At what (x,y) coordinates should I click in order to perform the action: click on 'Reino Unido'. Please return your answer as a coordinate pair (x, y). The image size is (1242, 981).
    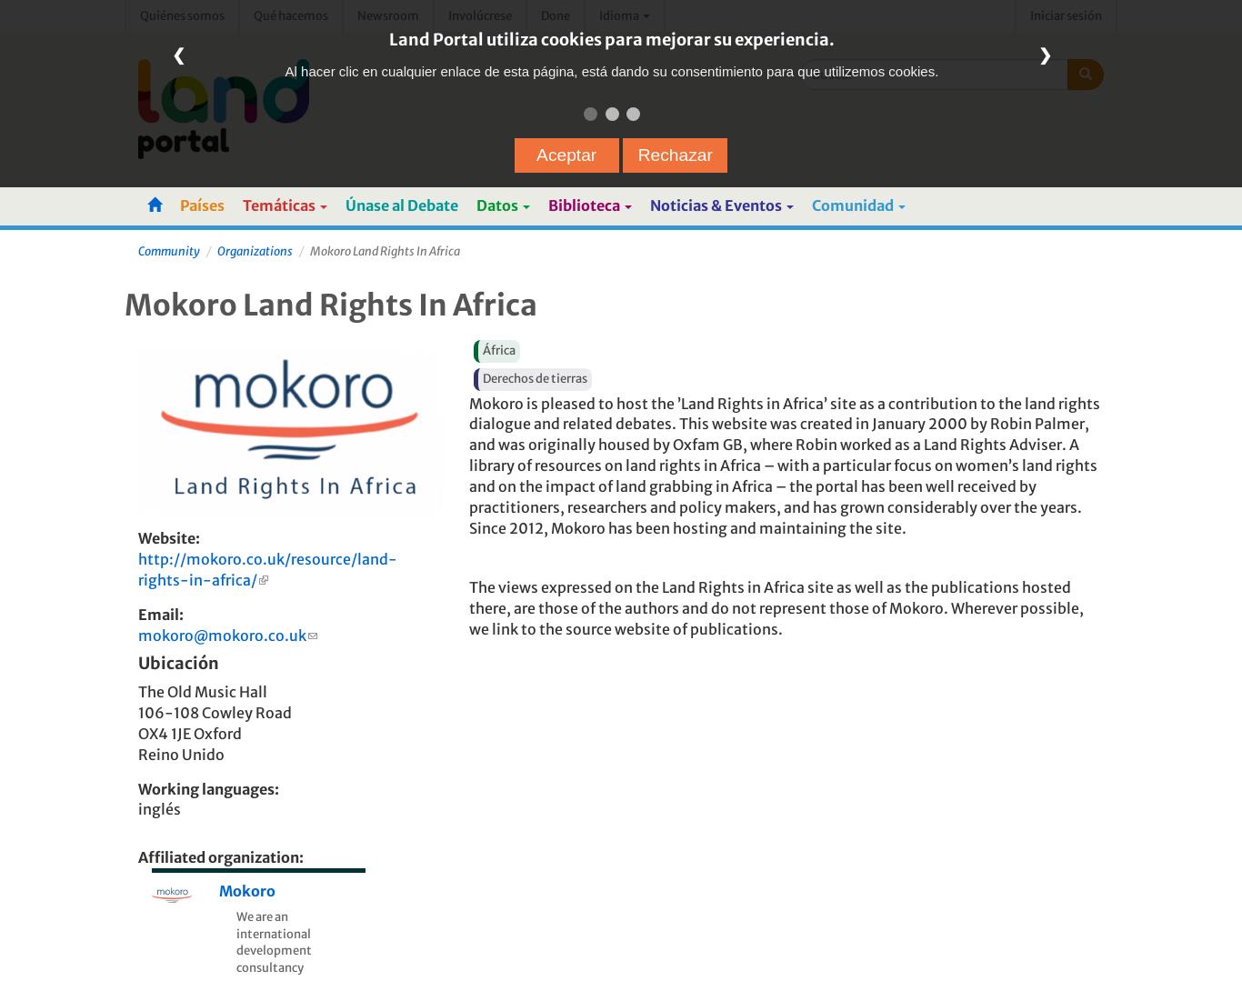
    Looking at the image, I should click on (179, 752).